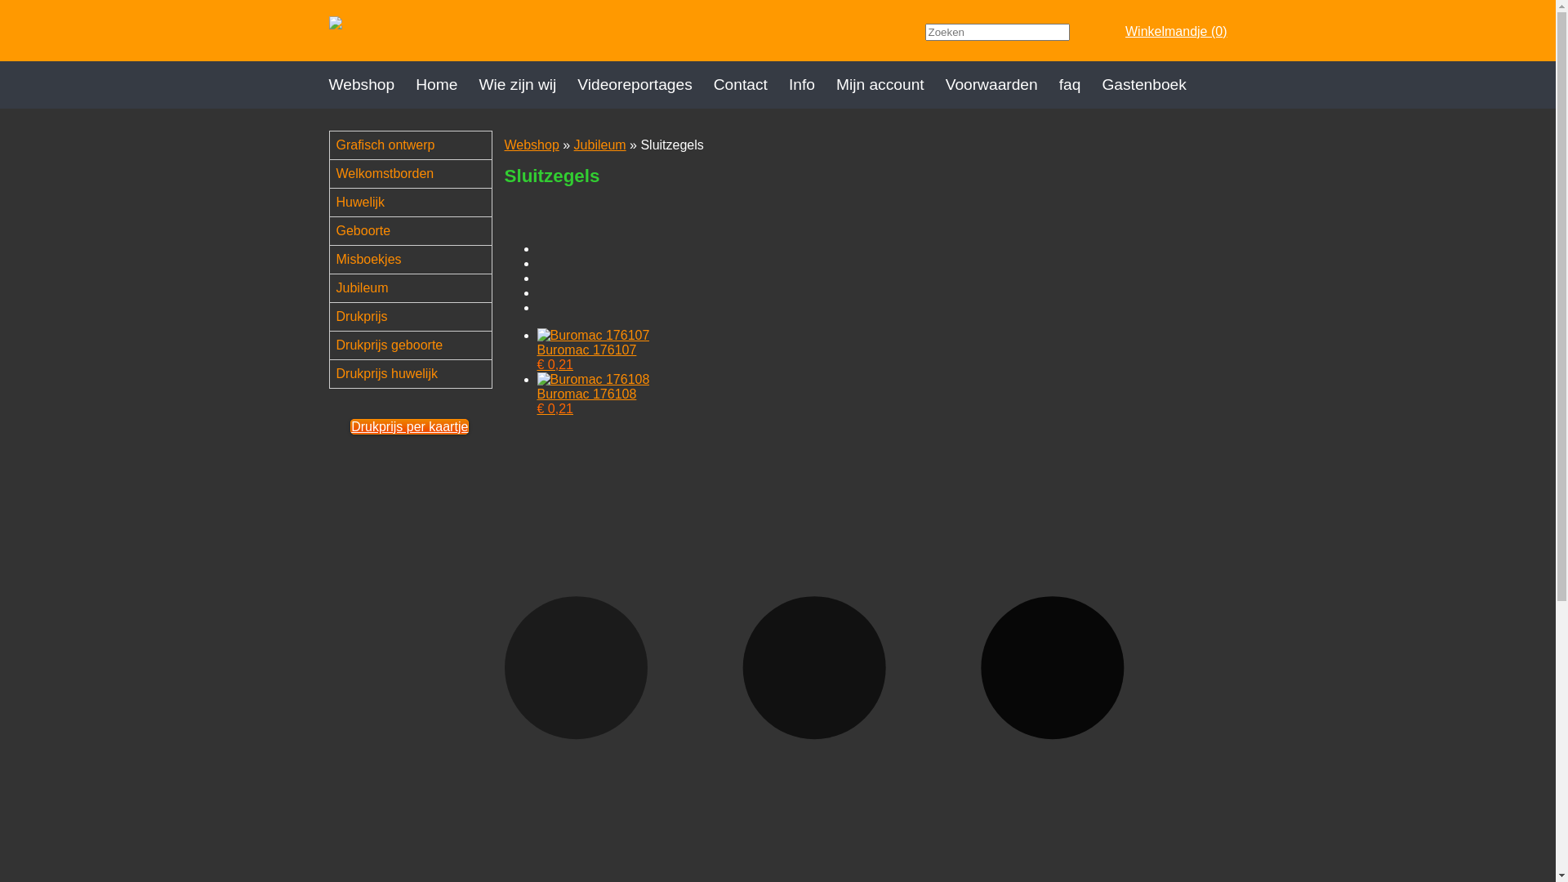 The image size is (1568, 882). What do you see at coordinates (1153, 85) in the screenshot?
I see `'Gastenboek'` at bounding box center [1153, 85].